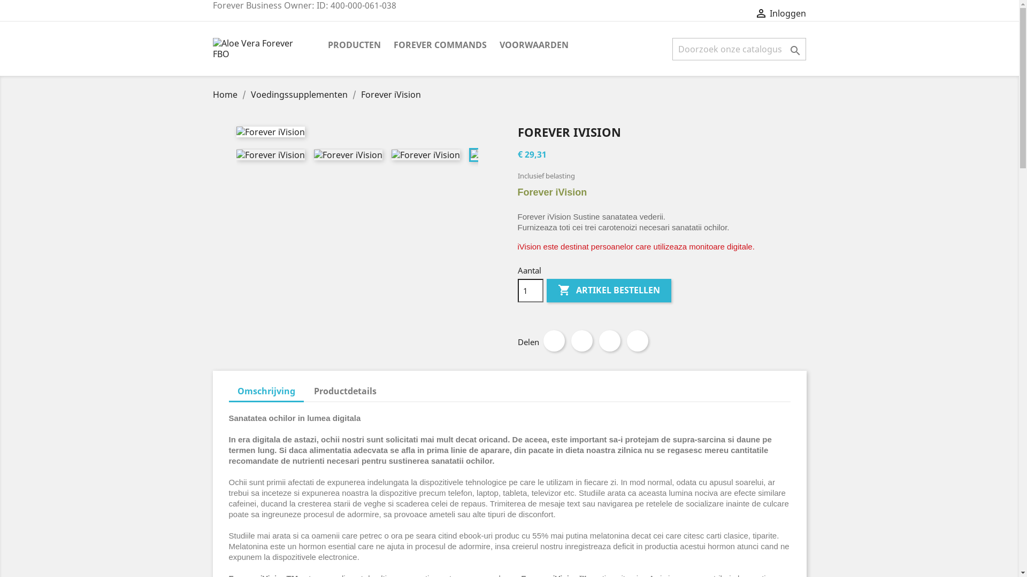  I want to click on 'Home', so click(225, 94).